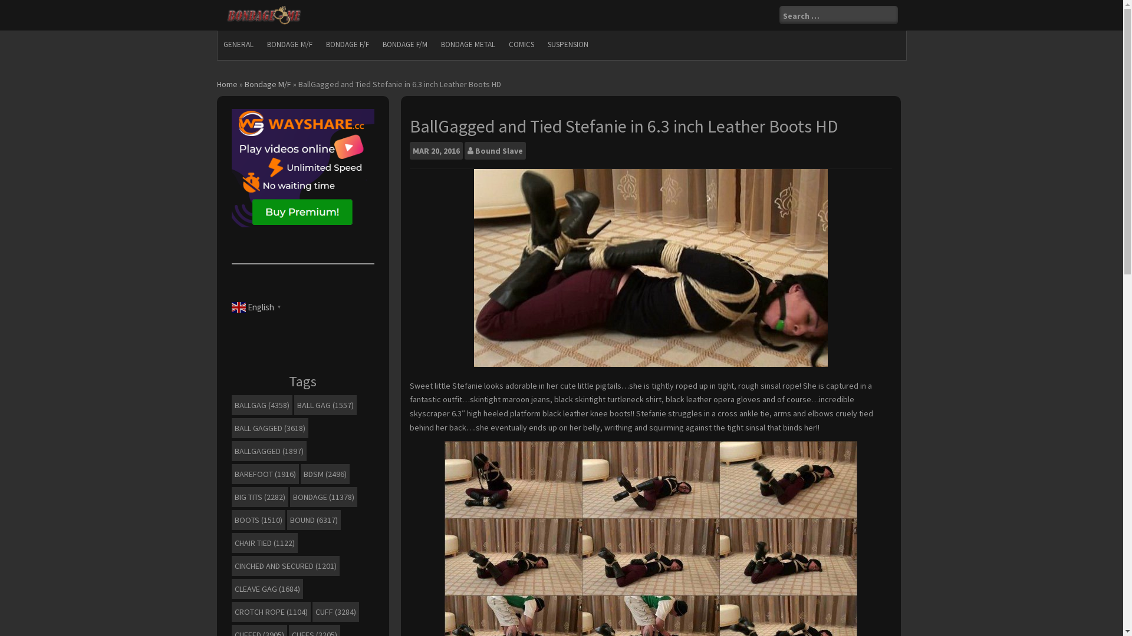 Image resolution: width=1132 pixels, height=636 pixels. Describe the element at coordinates (268, 428) in the screenshot. I see `'BALL GAGGED (3618)'` at that location.